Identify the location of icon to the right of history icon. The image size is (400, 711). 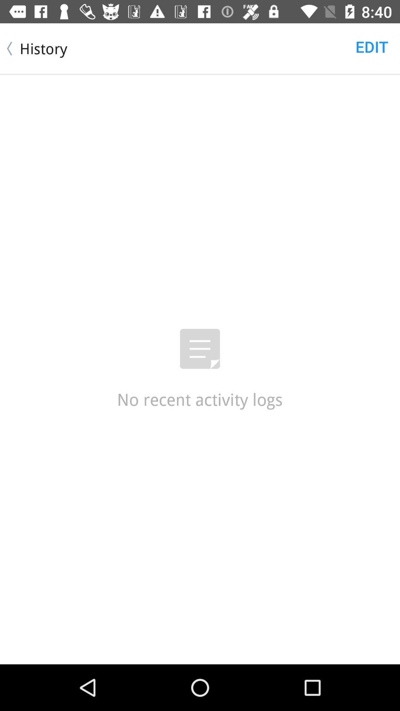
(372, 46).